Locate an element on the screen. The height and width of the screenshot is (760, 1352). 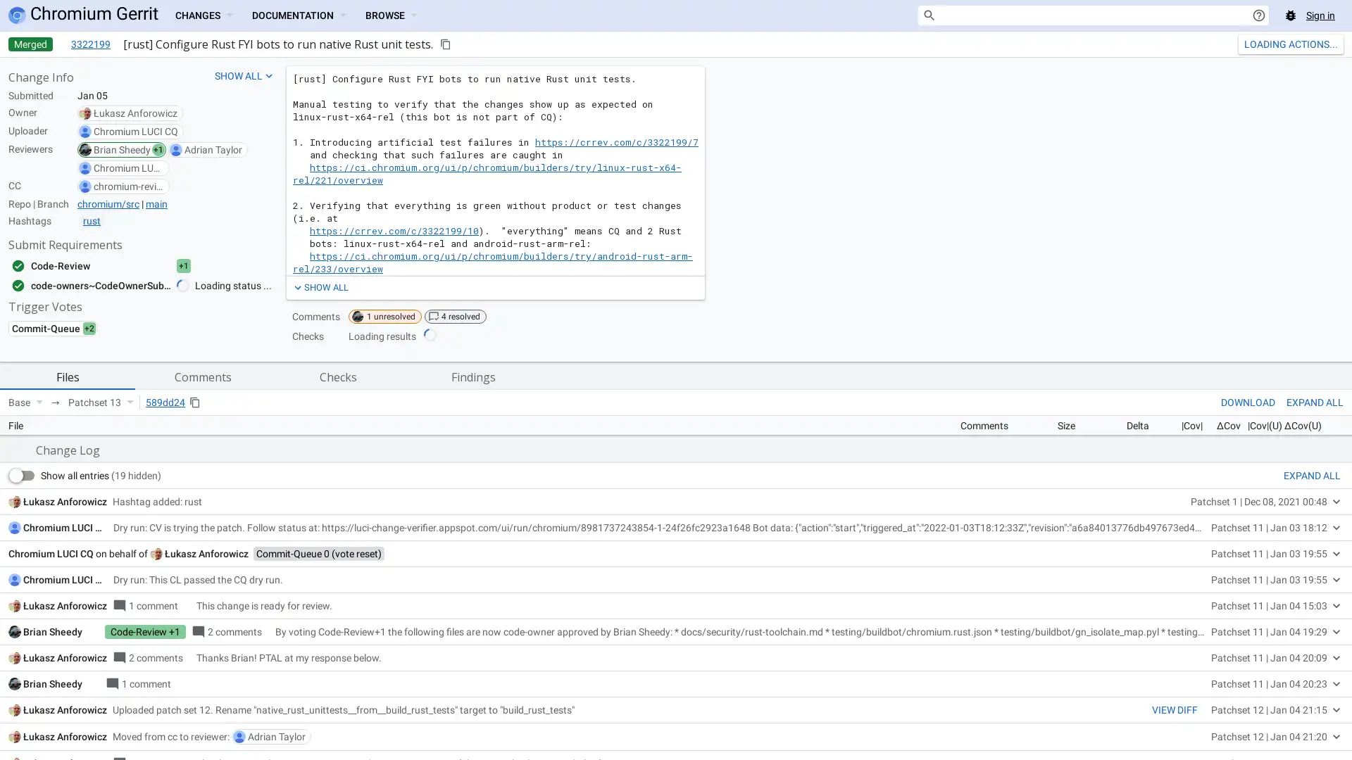
satisfied code-owners~CodeOwnerSub... Approved is located at coordinates (115, 285).